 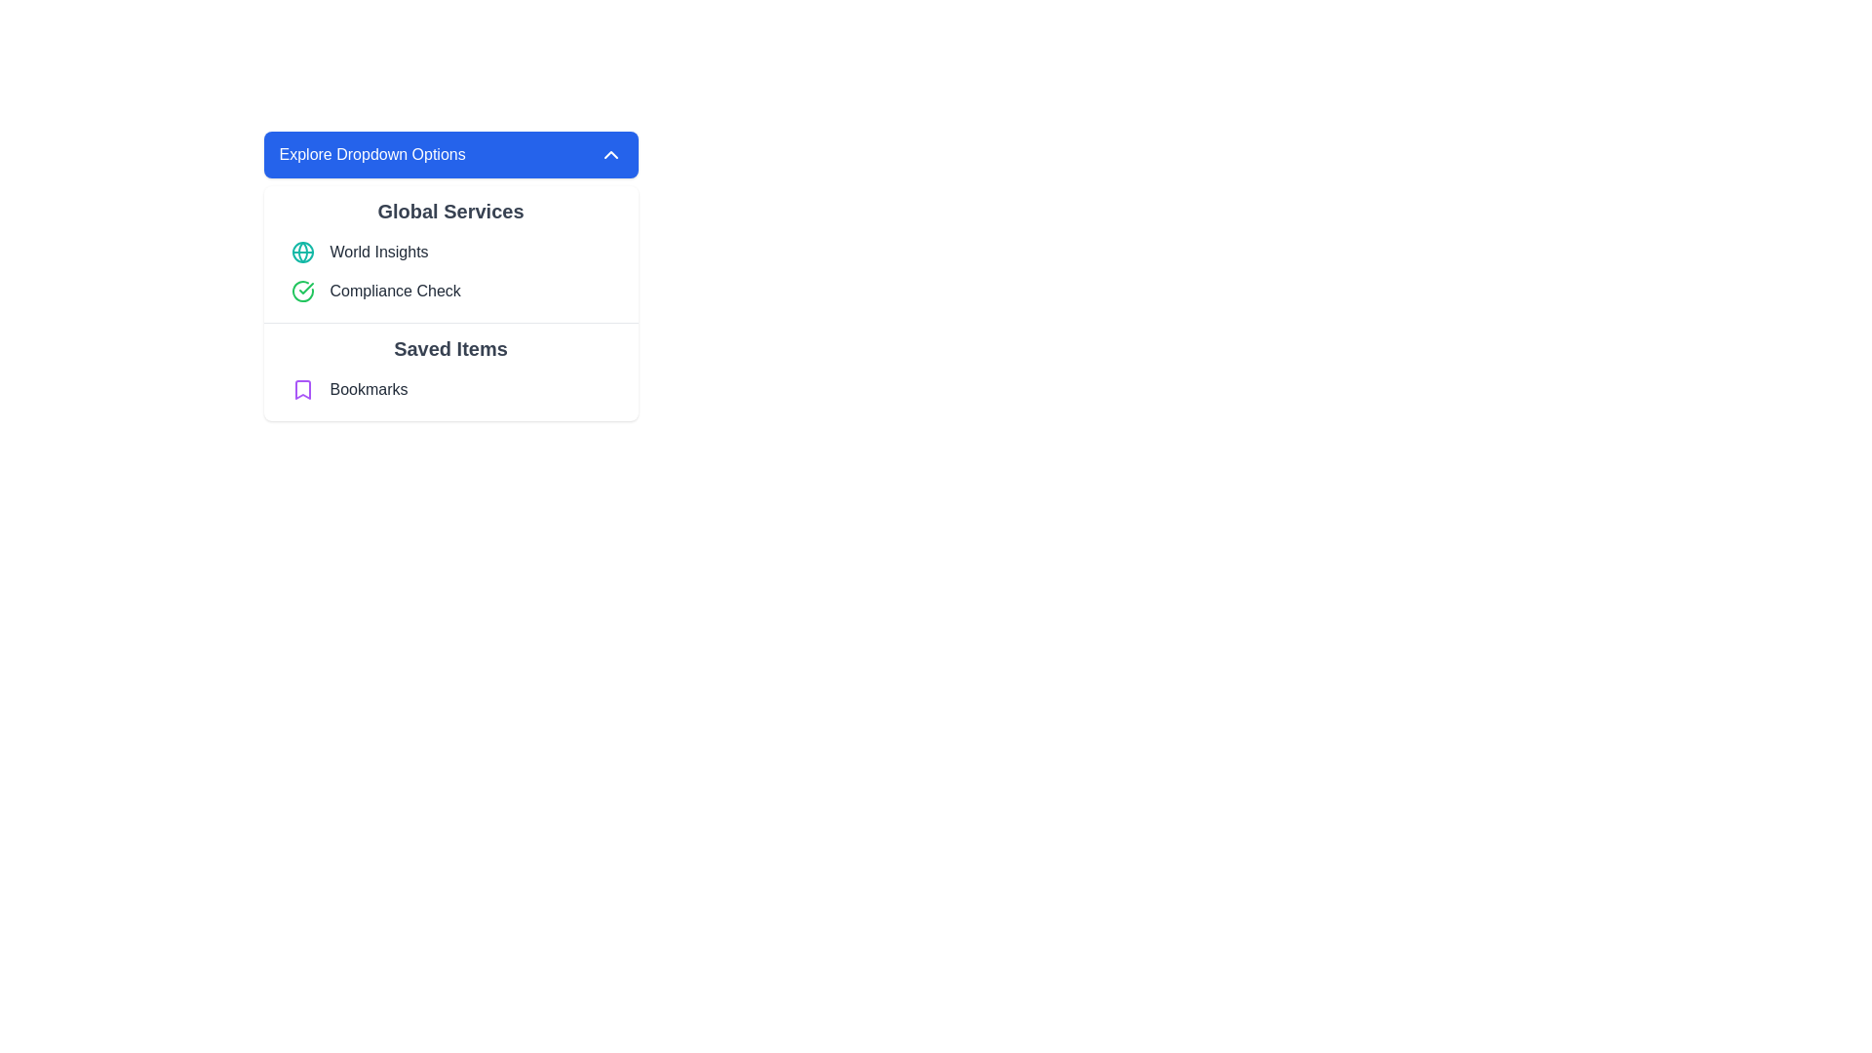 I want to click on the rounded rectangular button labeled 'Explore Dropdown Options', so click(x=449, y=153).